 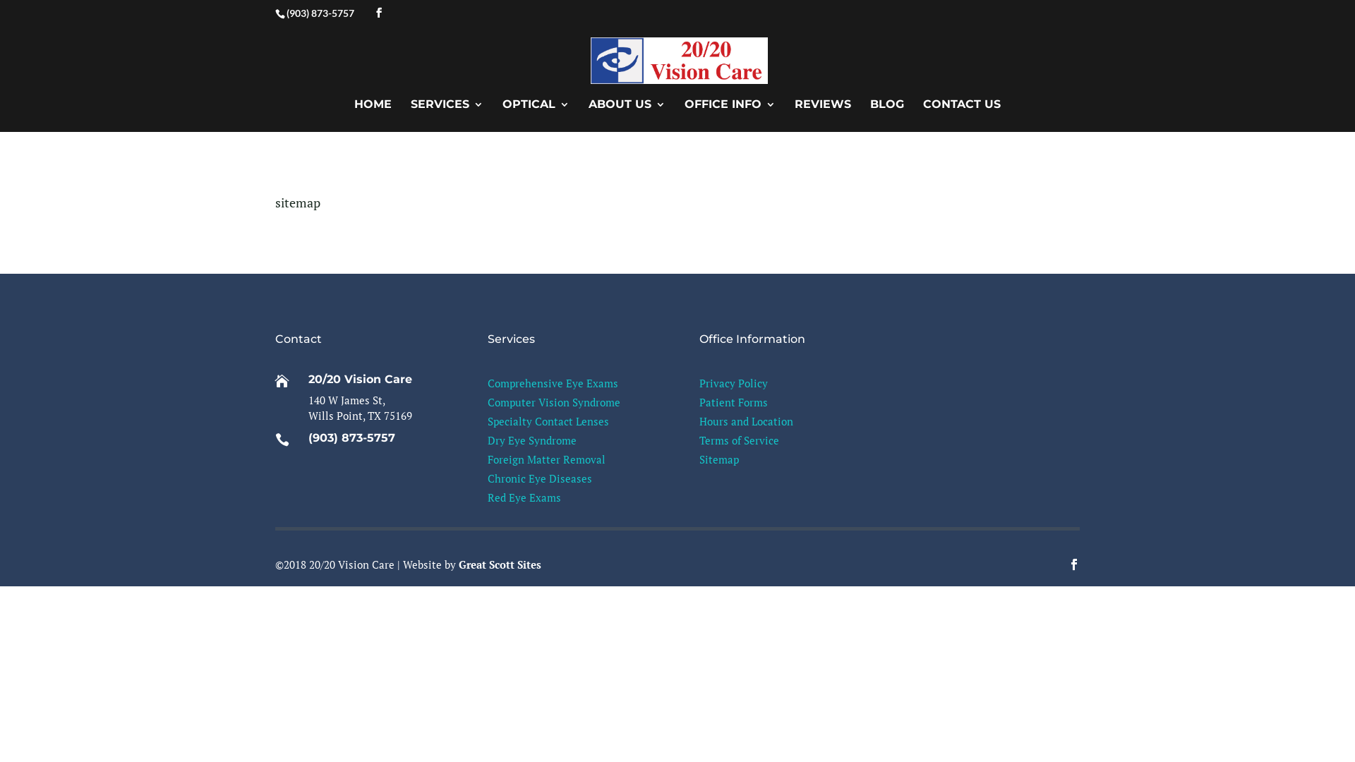 What do you see at coordinates (500, 563) in the screenshot?
I see `'Great Scott Sites'` at bounding box center [500, 563].